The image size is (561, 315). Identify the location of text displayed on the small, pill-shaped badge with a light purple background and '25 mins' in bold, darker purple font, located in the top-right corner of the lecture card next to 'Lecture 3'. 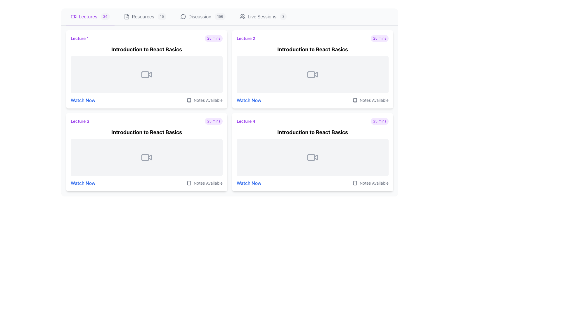
(213, 121).